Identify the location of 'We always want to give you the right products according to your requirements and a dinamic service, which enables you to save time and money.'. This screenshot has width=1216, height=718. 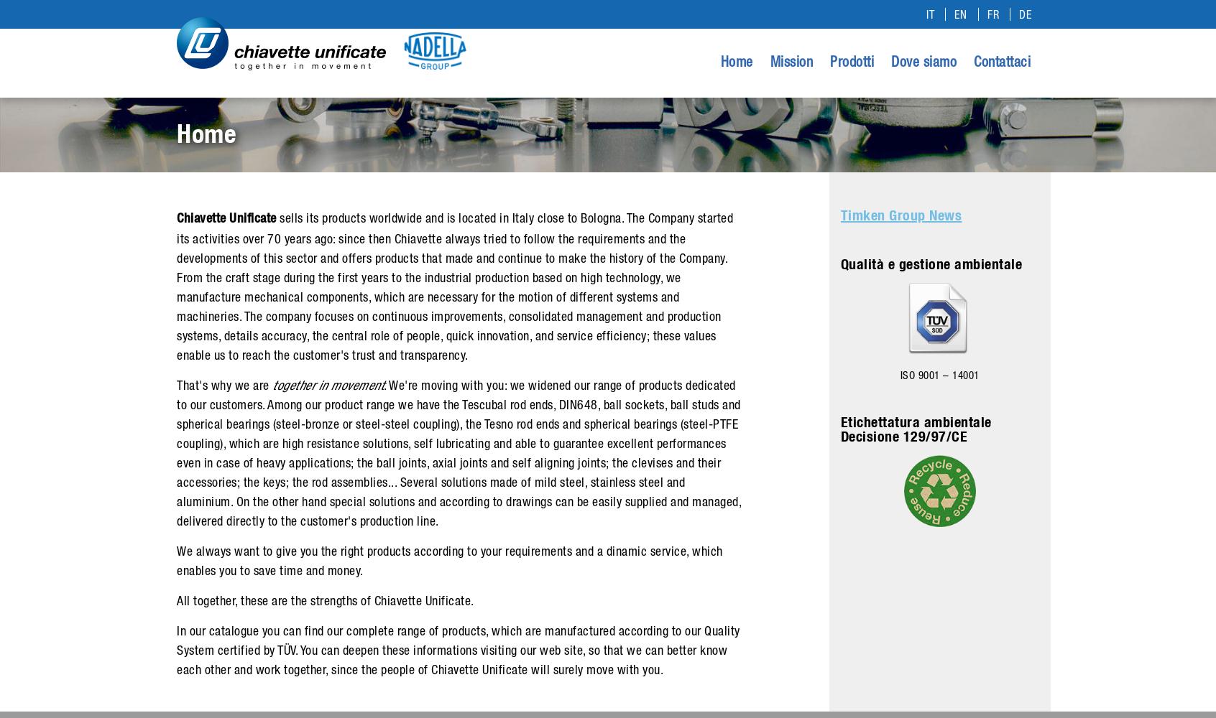
(448, 561).